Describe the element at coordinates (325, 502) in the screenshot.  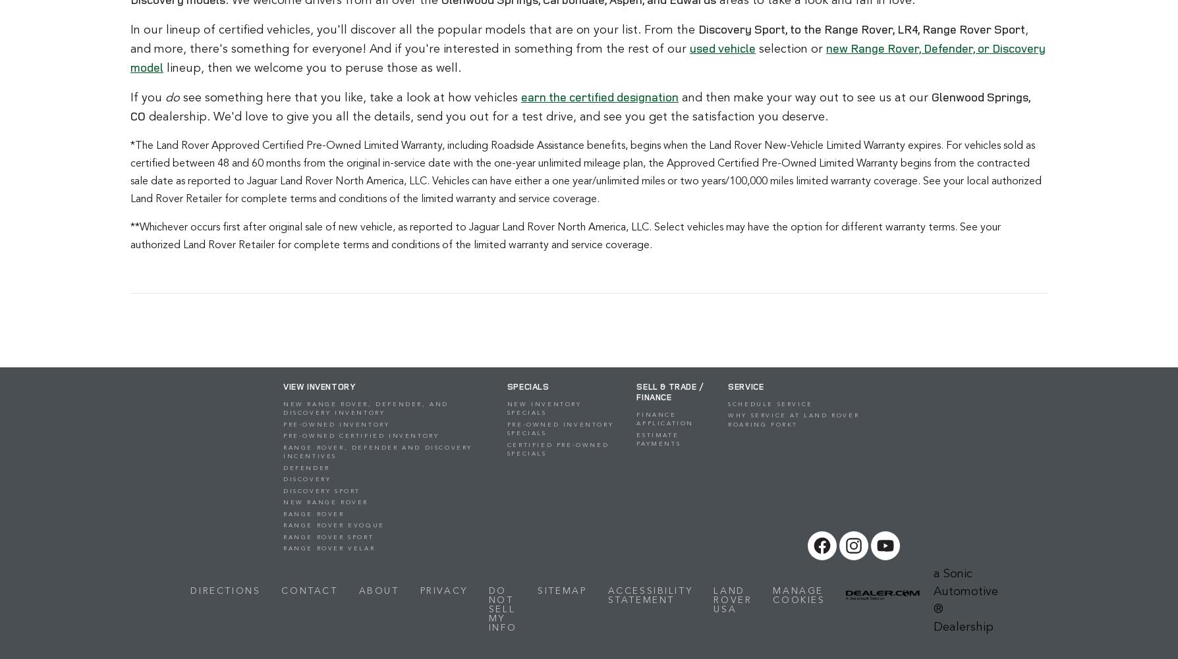
I see `'New Range Rover'` at that location.